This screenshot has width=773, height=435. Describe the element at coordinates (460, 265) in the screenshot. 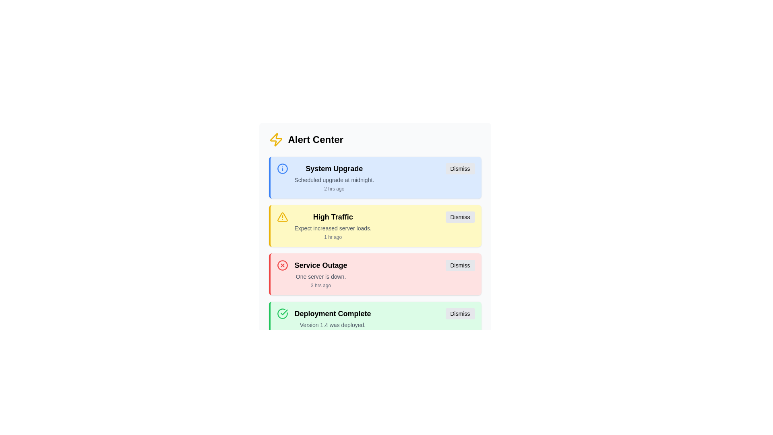

I see `the 'Dismiss' button in the 'Service Outage' alert card` at that location.